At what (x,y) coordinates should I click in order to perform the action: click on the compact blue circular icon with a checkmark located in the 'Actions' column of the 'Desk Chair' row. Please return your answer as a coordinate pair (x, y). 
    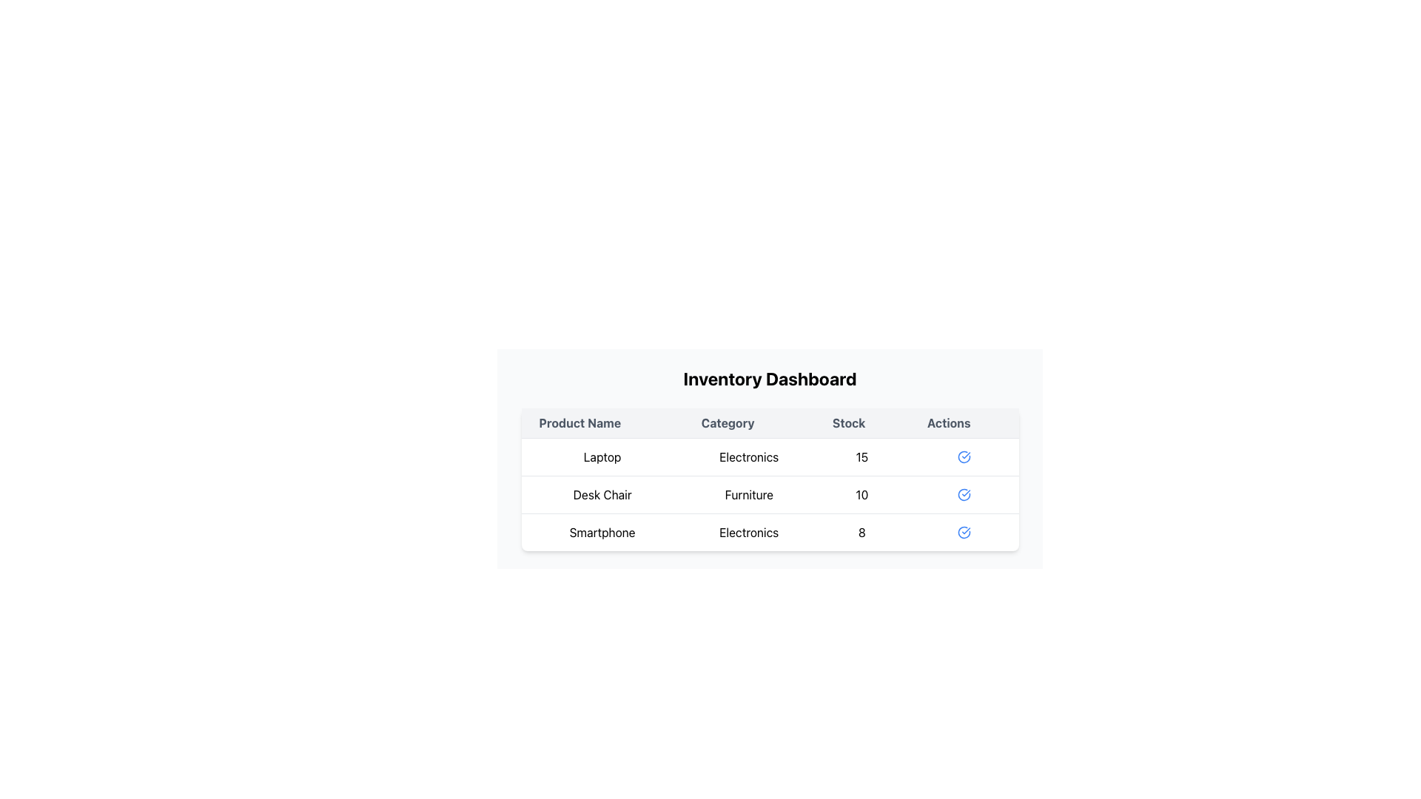
    Looking at the image, I should click on (964, 494).